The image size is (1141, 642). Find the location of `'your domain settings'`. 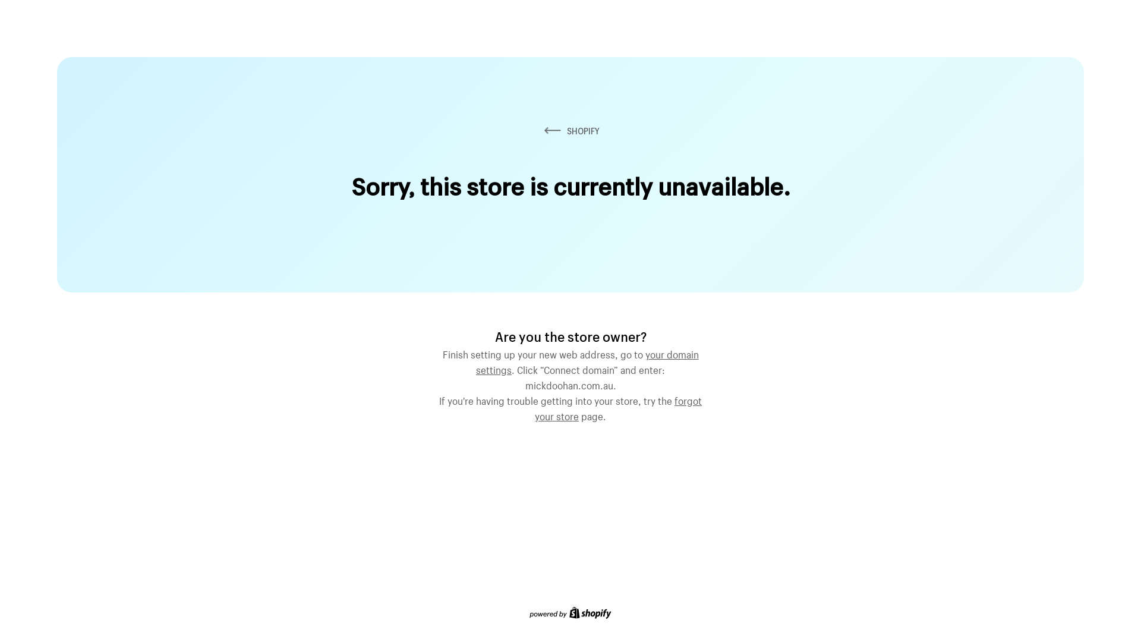

'your domain settings' is located at coordinates (587, 360).